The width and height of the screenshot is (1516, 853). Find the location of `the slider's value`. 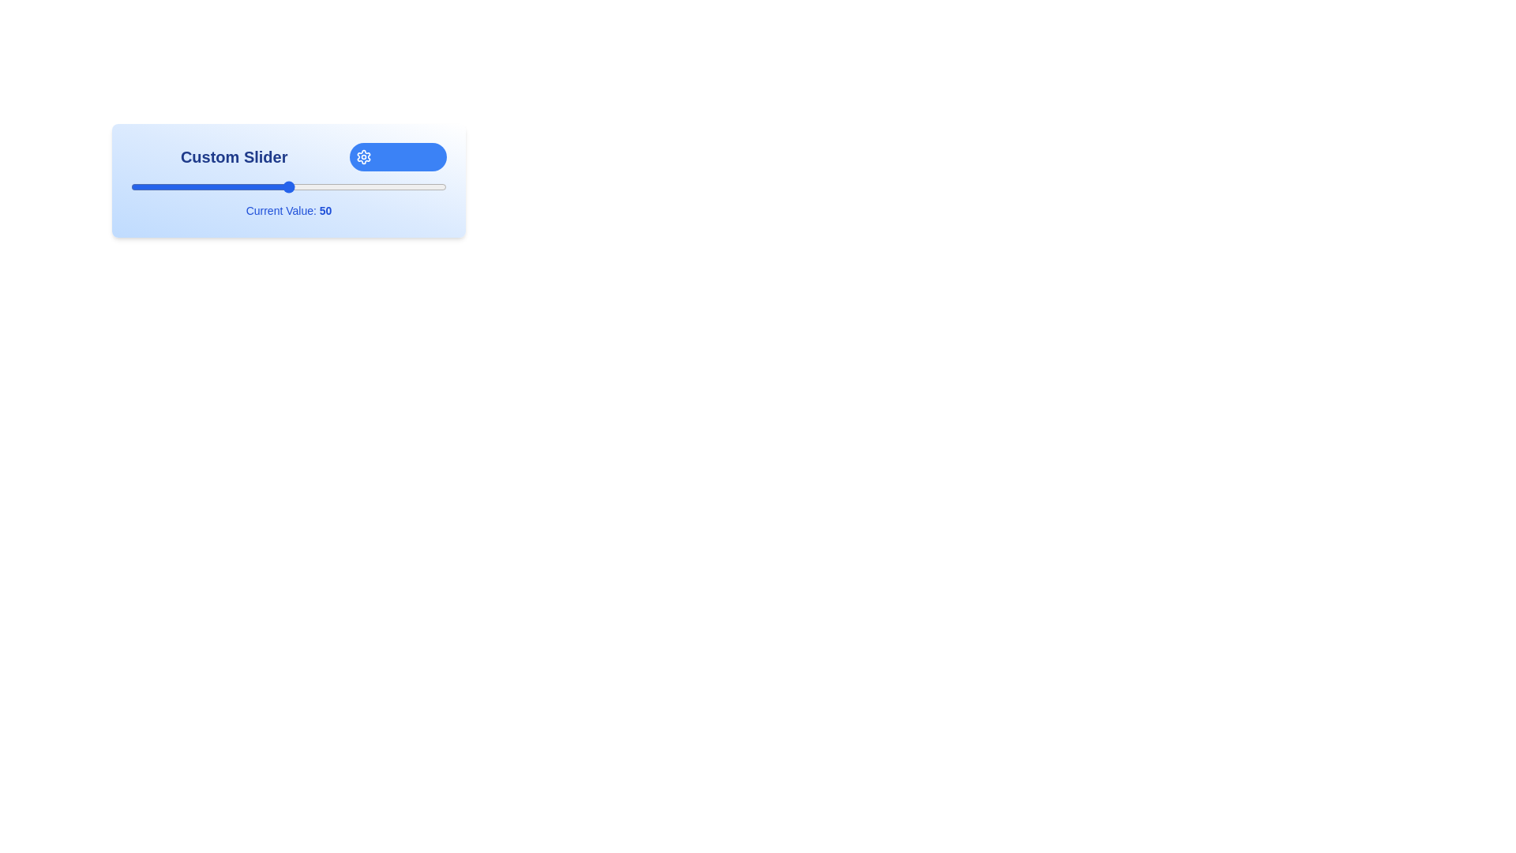

the slider's value is located at coordinates (344, 186).